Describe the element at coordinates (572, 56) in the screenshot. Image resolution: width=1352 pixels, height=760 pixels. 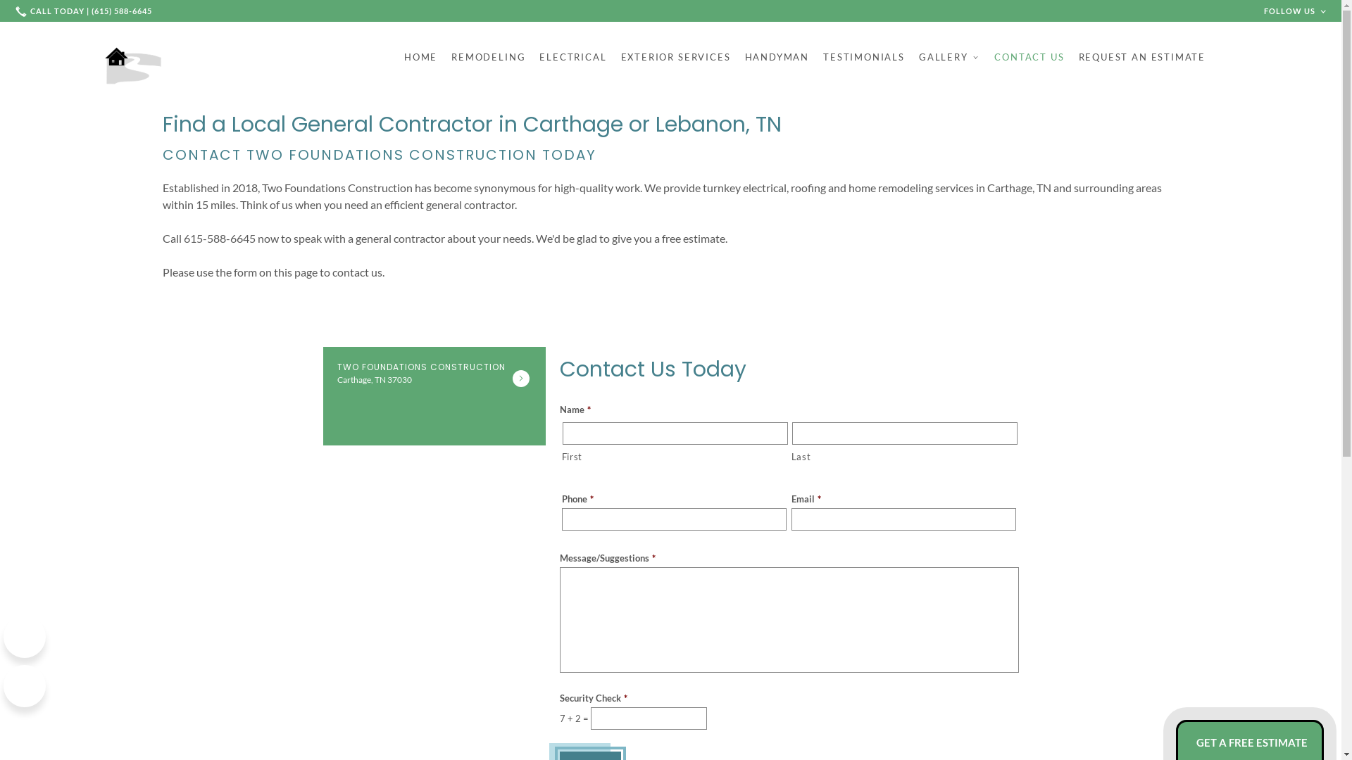
I see `'ELECTRICAL'` at that location.